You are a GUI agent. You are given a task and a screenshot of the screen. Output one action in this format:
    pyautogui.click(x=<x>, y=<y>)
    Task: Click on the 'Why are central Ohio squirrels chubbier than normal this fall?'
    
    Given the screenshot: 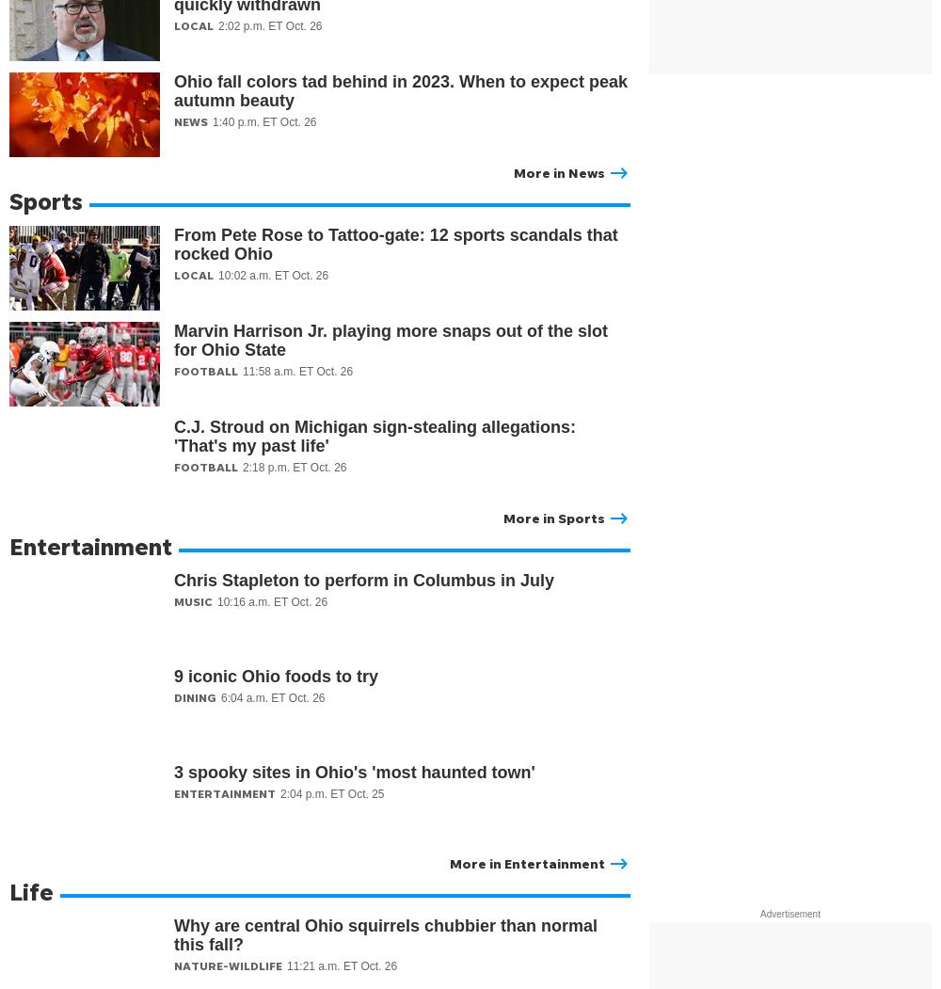 What is the action you would take?
    pyautogui.click(x=386, y=935)
    